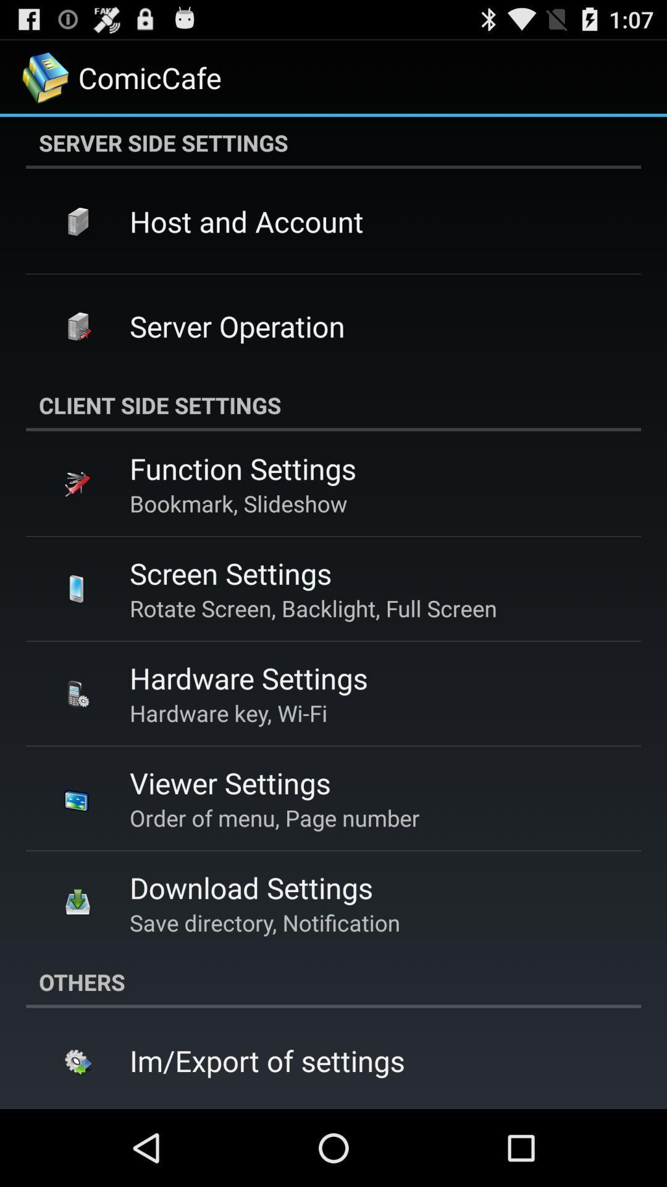 This screenshot has height=1187, width=667. What do you see at coordinates (250, 887) in the screenshot?
I see `icon below the order of menu` at bounding box center [250, 887].